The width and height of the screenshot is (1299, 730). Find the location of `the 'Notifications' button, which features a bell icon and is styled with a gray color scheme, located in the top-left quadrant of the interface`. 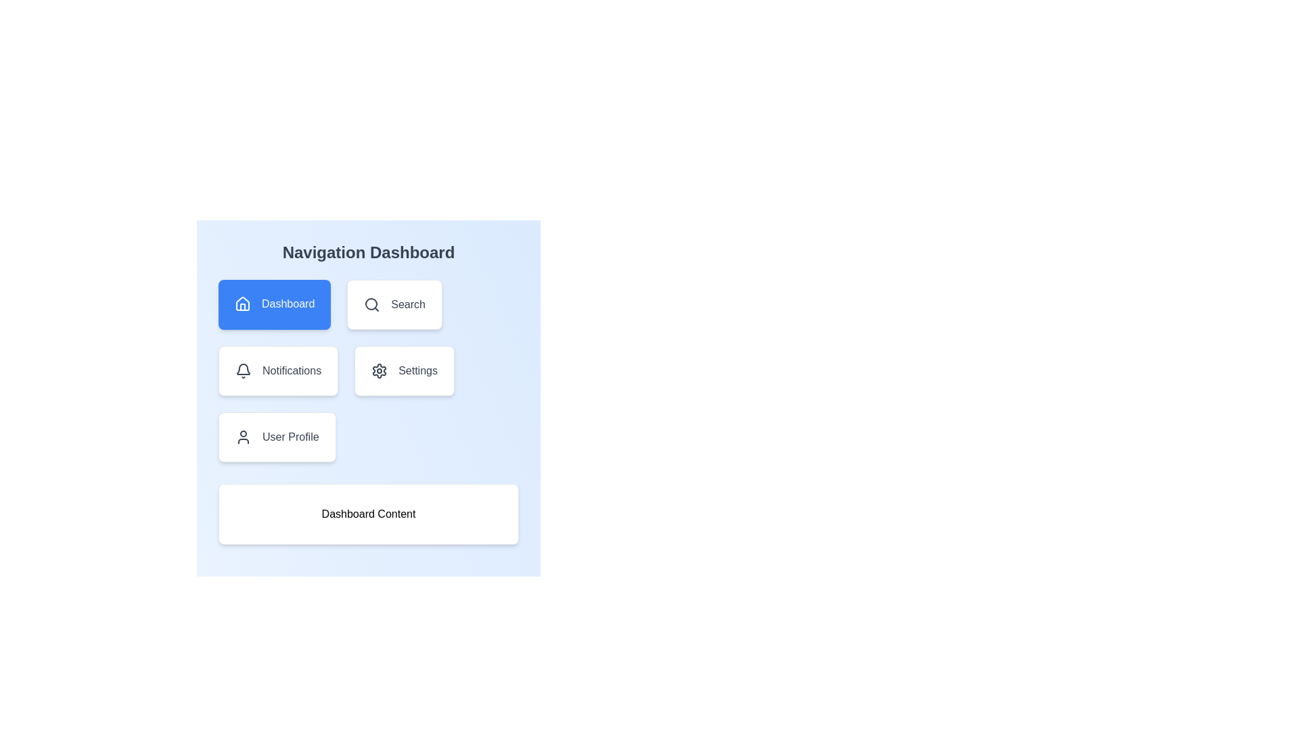

the 'Notifications' button, which features a bell icon and is styled with a gray color scheme, located in the top-left quadrant of the interface is located at coordinates (277, 370).